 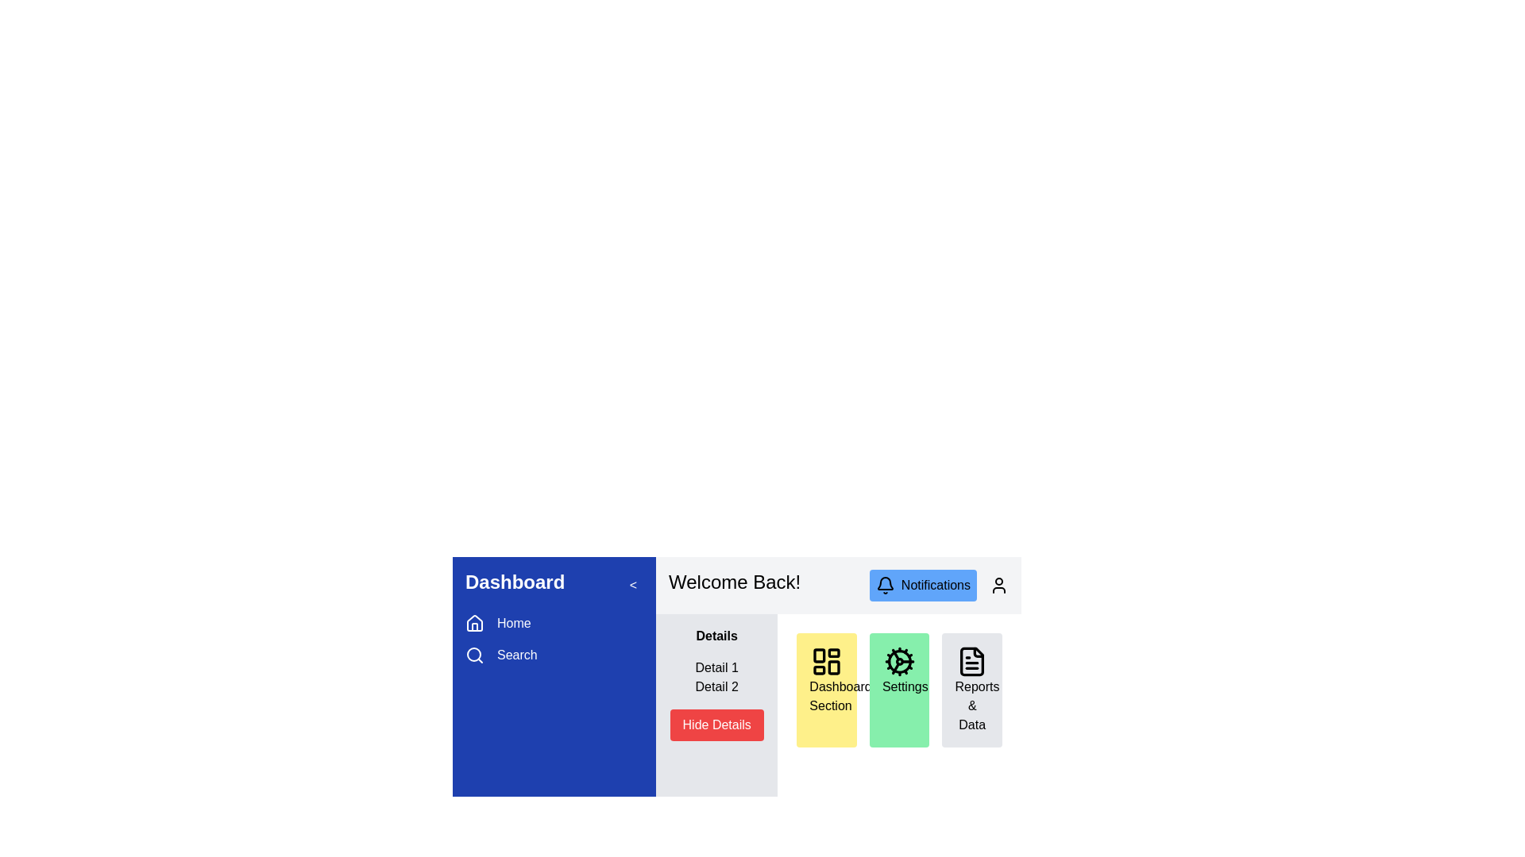 I want to click on the visual card component representing the settings menu, positioned in the middle of a grid between 'Dashboard Section' and 'Reports & Data', so click(x=899, y=690).